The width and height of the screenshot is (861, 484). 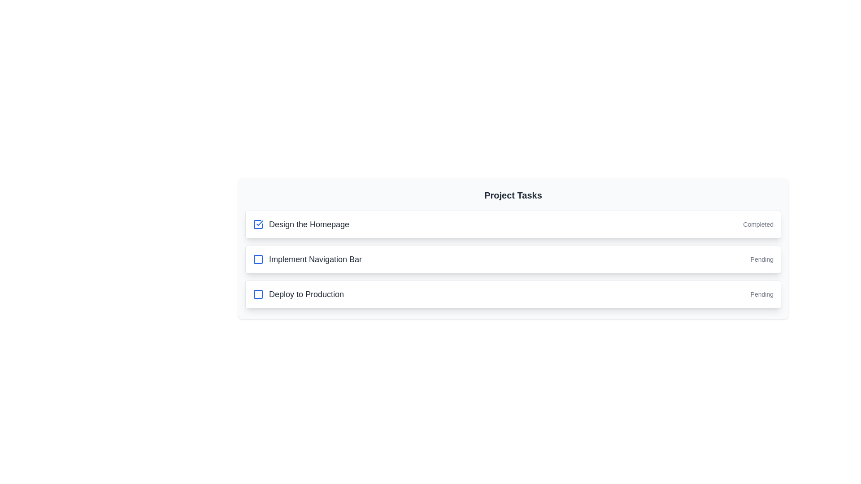 What do you see at coordinates (258, 259) in the screenshot?
I see `the checkbox indicator for the task 'Implement Navigation Bar' to check or uncheck it` at bounding box center [258, 259].